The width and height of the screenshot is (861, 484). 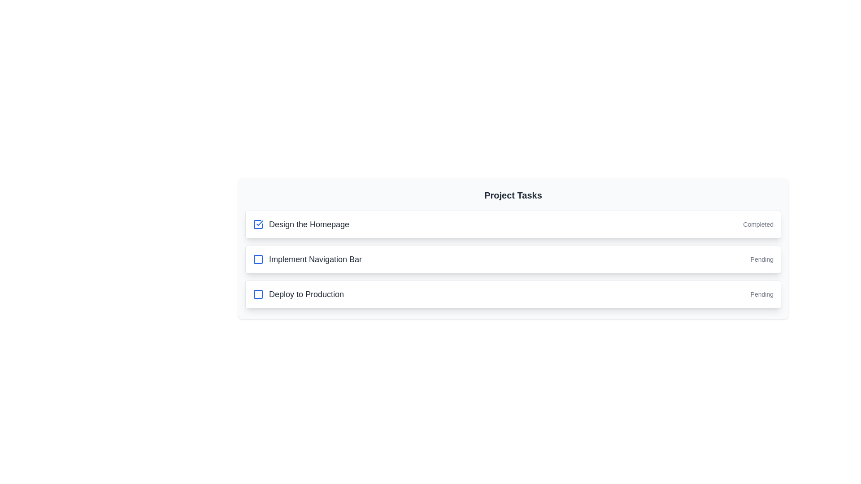 What do you see at coordinates (258, 259) in the screenshot?
I see `the checkbox indicator for the task 'Implement Navigation Bar' to check or uncheck it` at bounding box center [258, 259].